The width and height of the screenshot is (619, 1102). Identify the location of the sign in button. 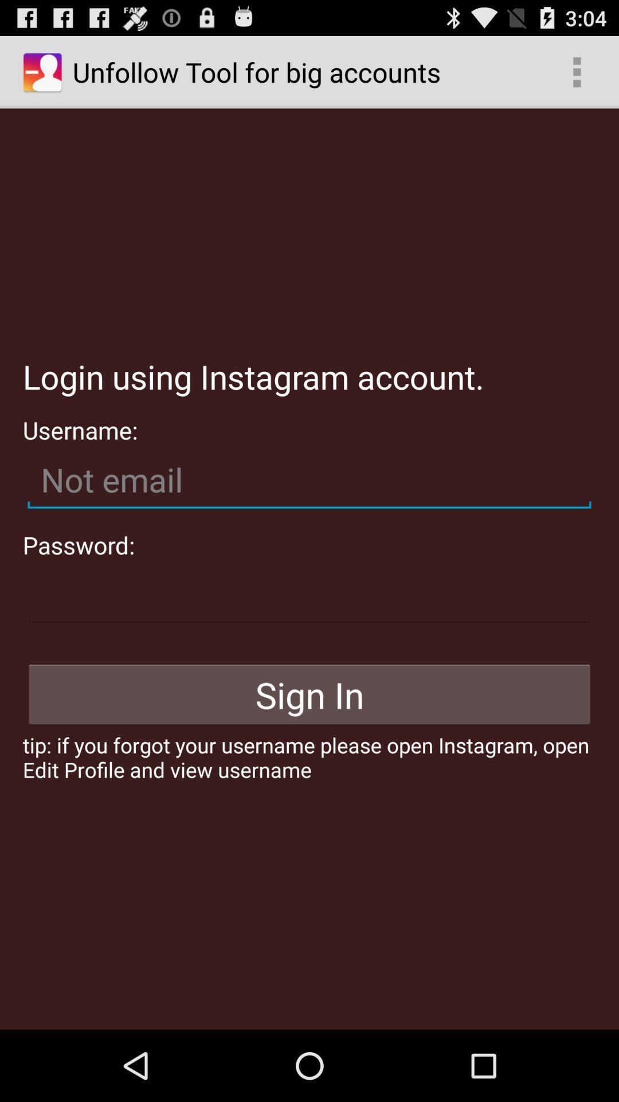
(309, 694).